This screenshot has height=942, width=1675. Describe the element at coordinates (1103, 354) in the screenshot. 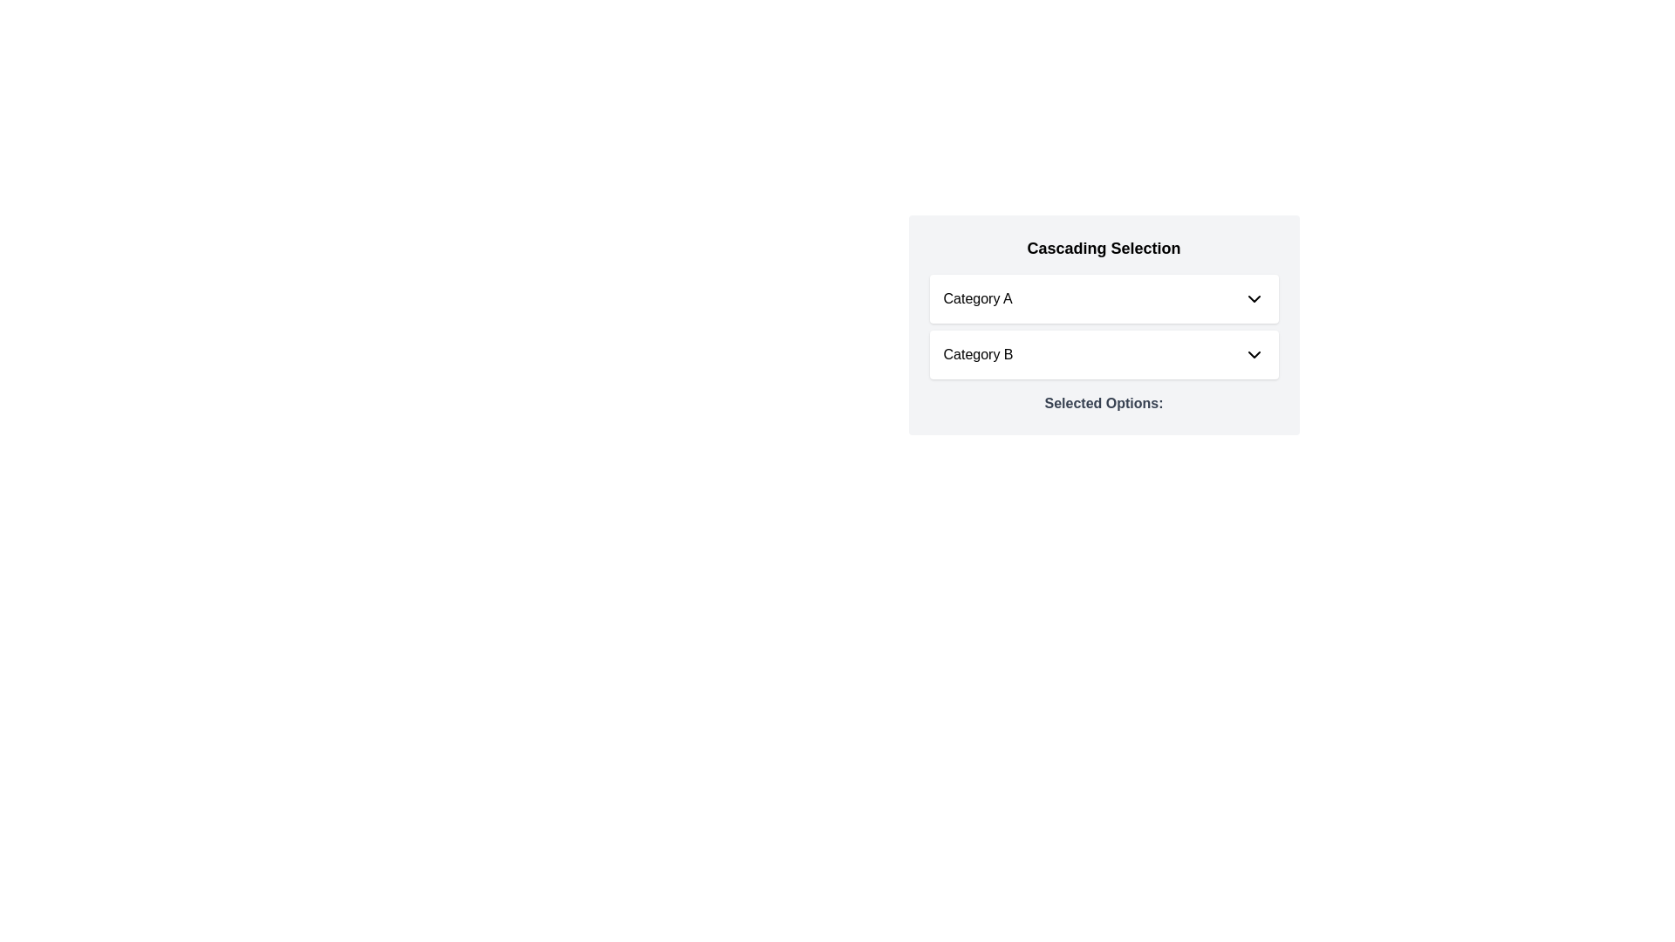

I see `the 'Category B' dropdown menu item` at that location.